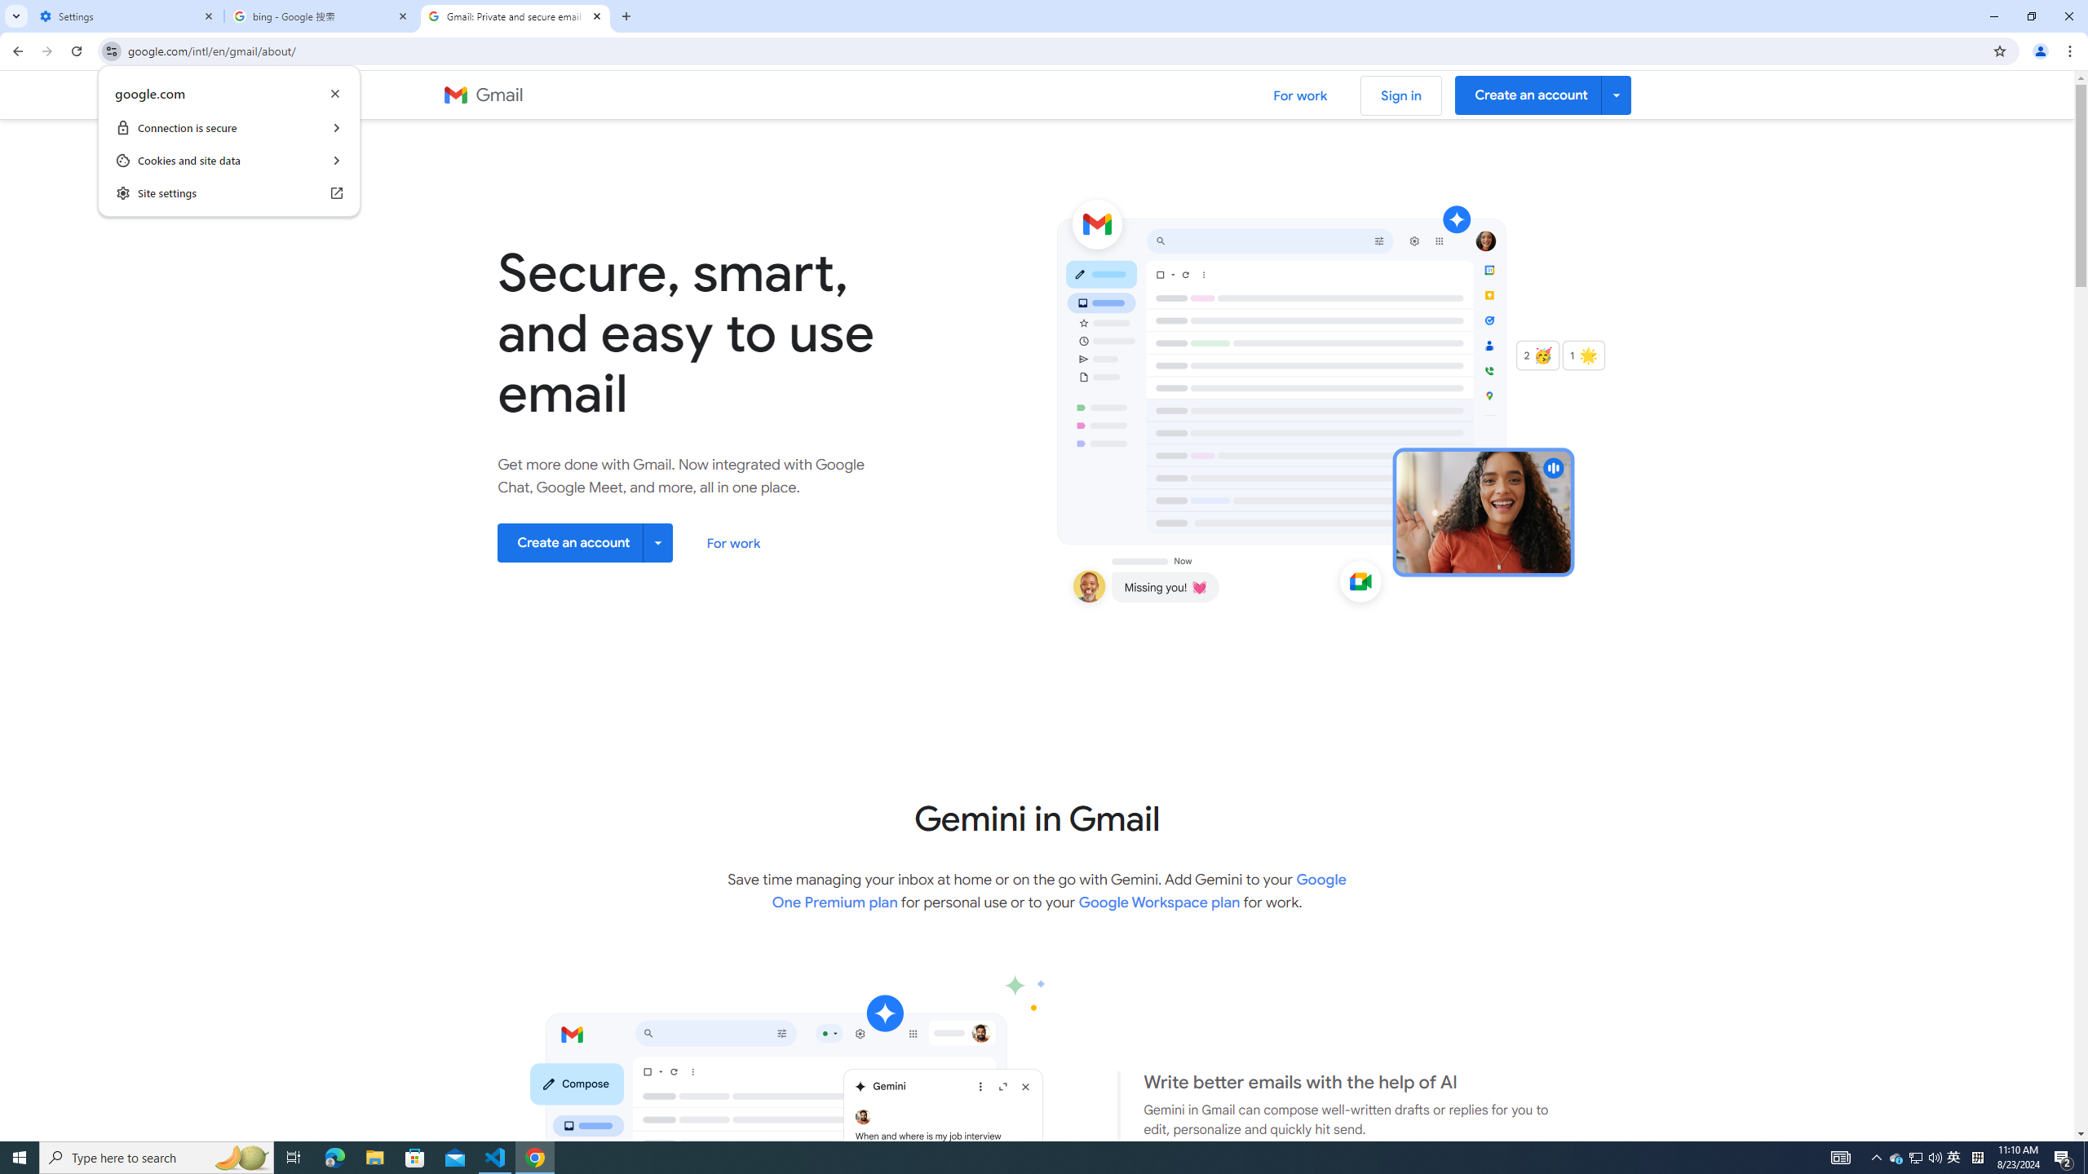  I want to click on 'AutomationID: 4105', so click(1839, 1156).